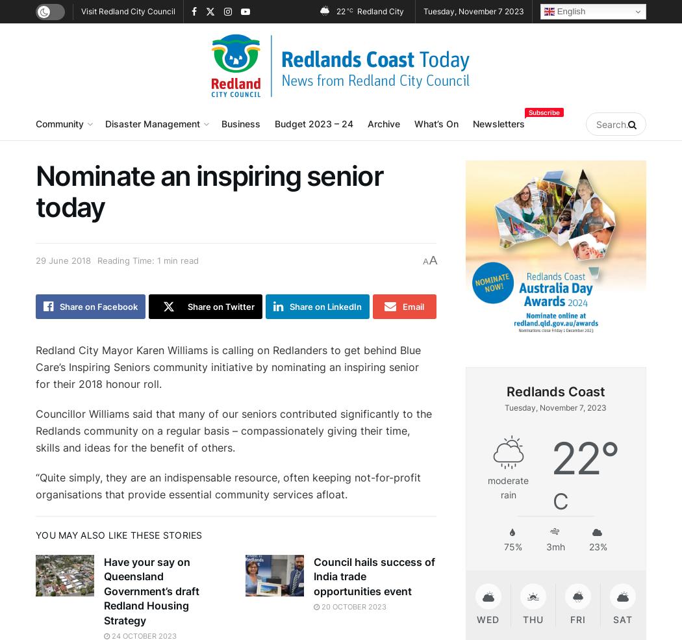  I want to click on 'Share on LinkedIn', so click(325, 305).